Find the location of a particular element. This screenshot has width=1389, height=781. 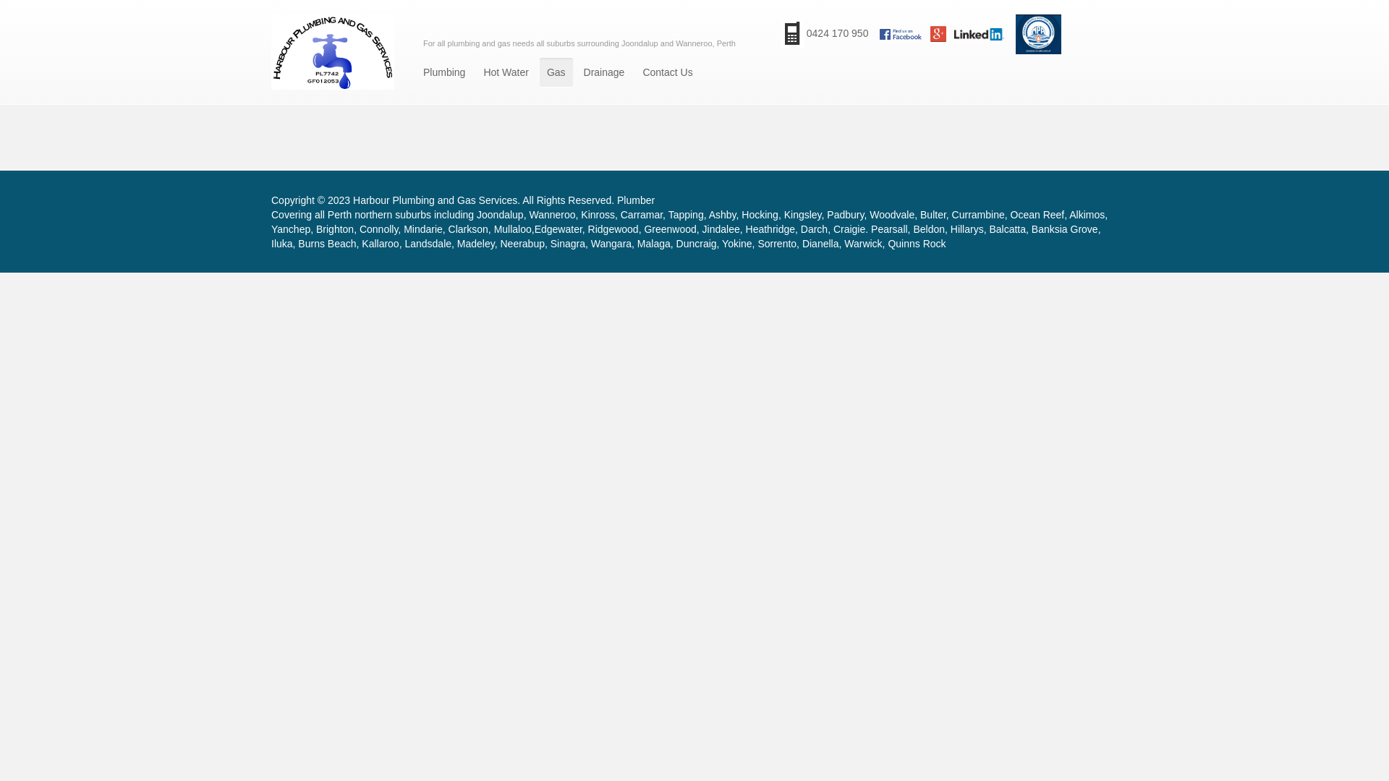

'Hot Water' is located at coordinates (506, 72).